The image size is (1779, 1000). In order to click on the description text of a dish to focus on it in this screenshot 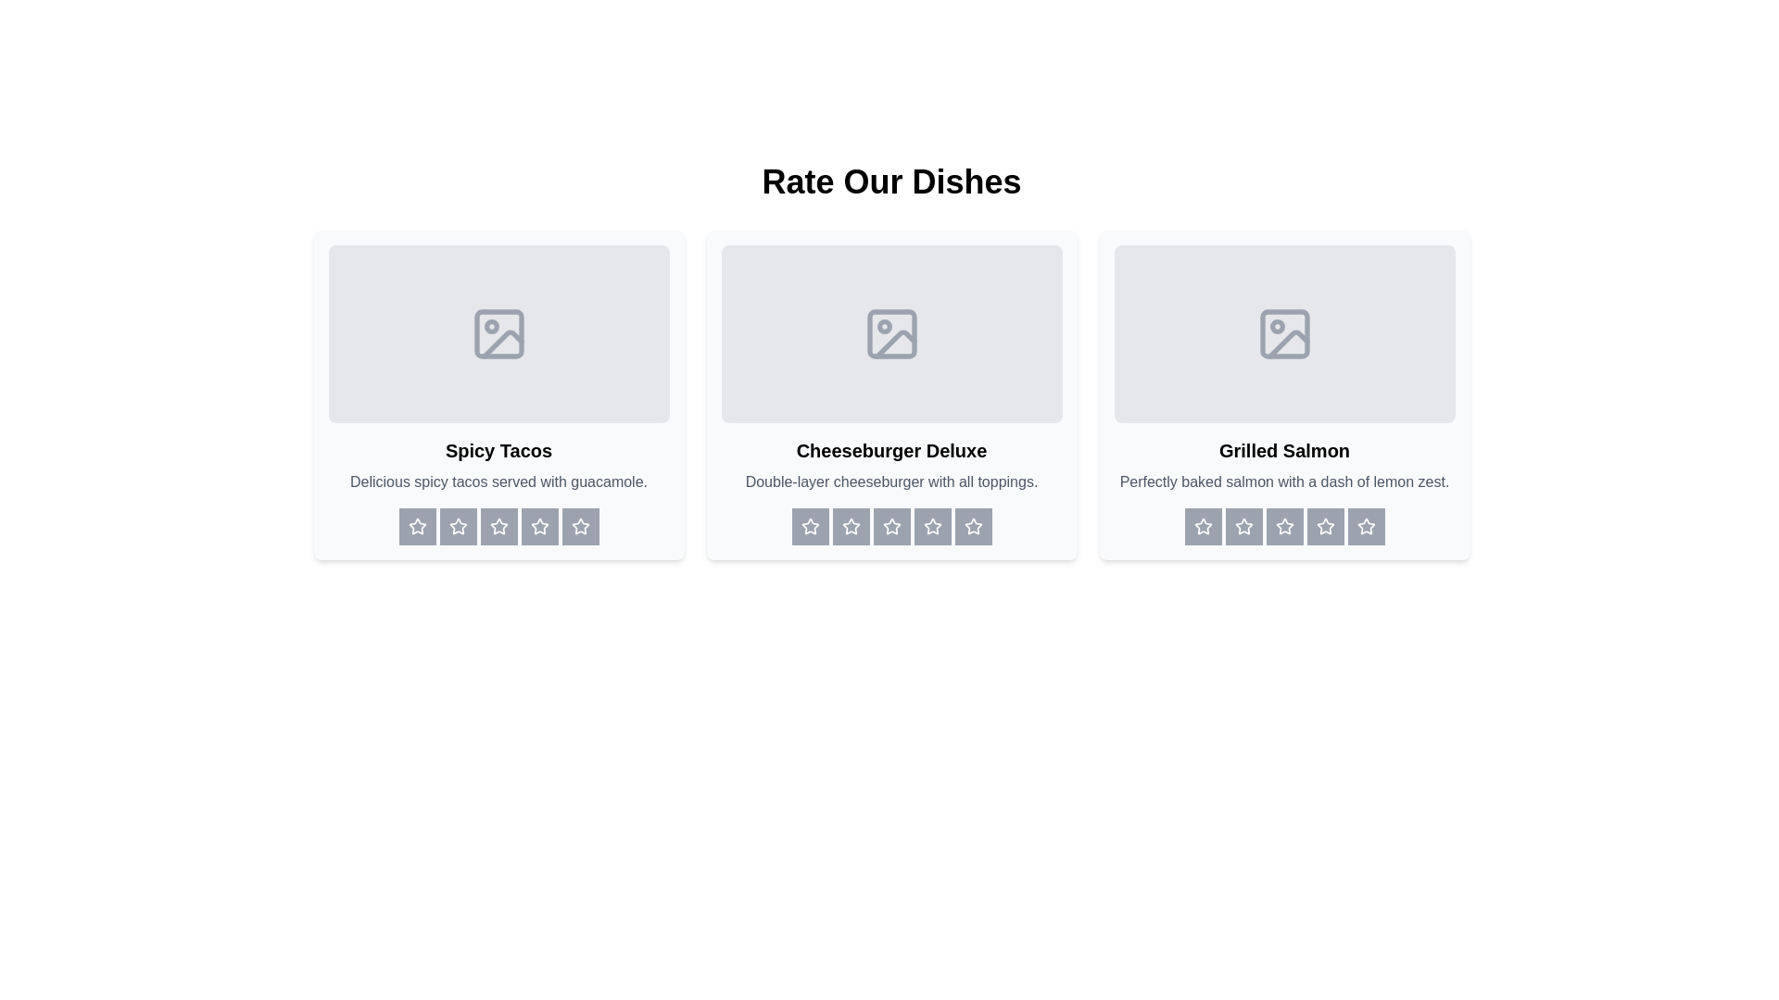, I will do `click(498, 481)`.